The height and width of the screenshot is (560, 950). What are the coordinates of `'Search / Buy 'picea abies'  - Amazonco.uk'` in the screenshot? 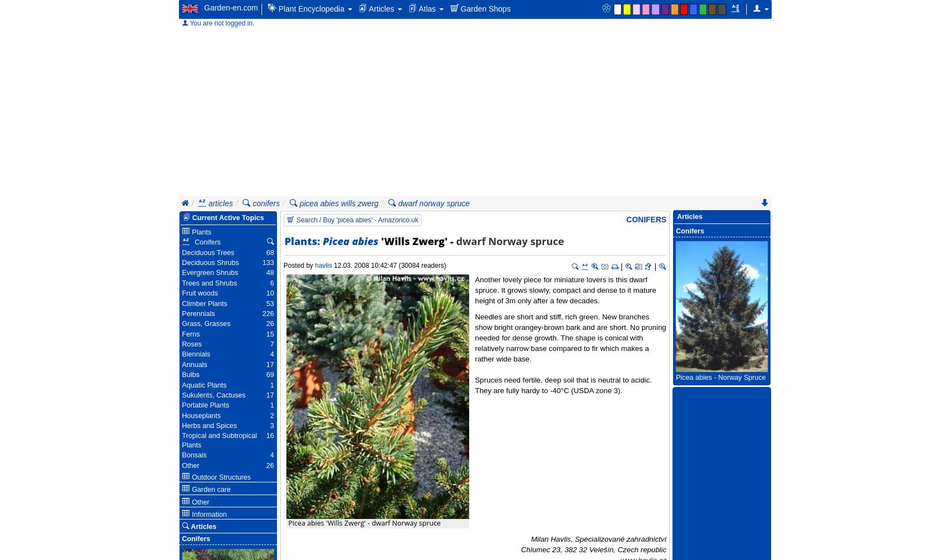 It's located at (356, 220).